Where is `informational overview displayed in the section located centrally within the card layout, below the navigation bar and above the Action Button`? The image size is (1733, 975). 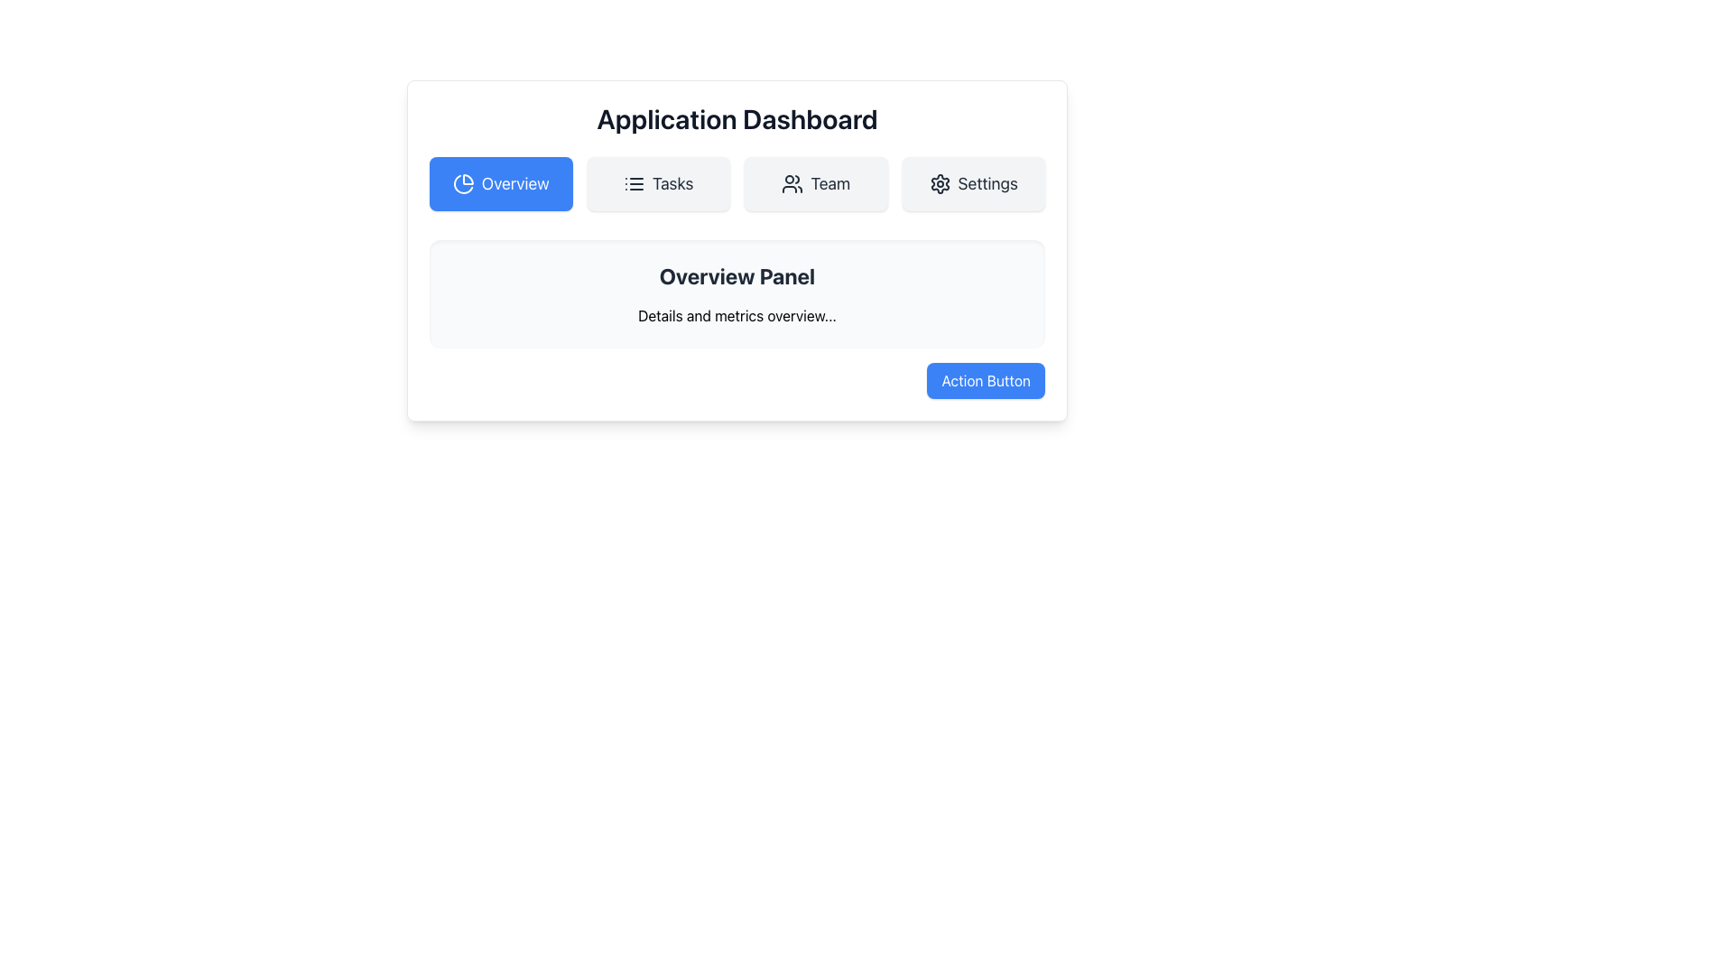
informational overview displayed in the section located centrally within the card layout, below the navigation bar and above the Action Button is located at coordinates (737, 293).